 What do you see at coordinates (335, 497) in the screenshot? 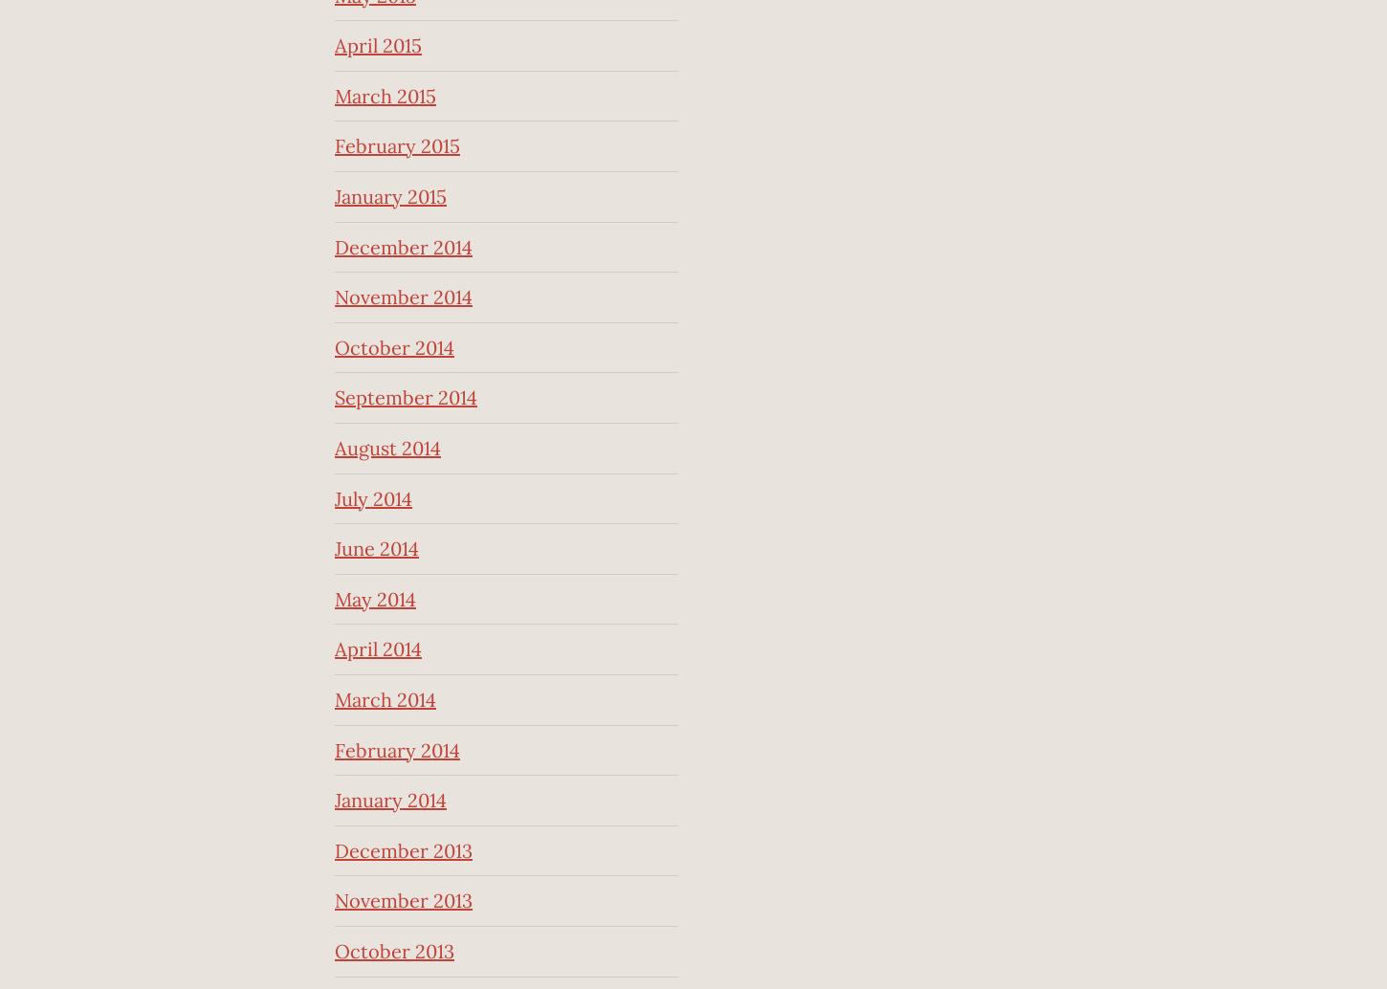
I see `'July 2014'` at bounding box center [335, 497].